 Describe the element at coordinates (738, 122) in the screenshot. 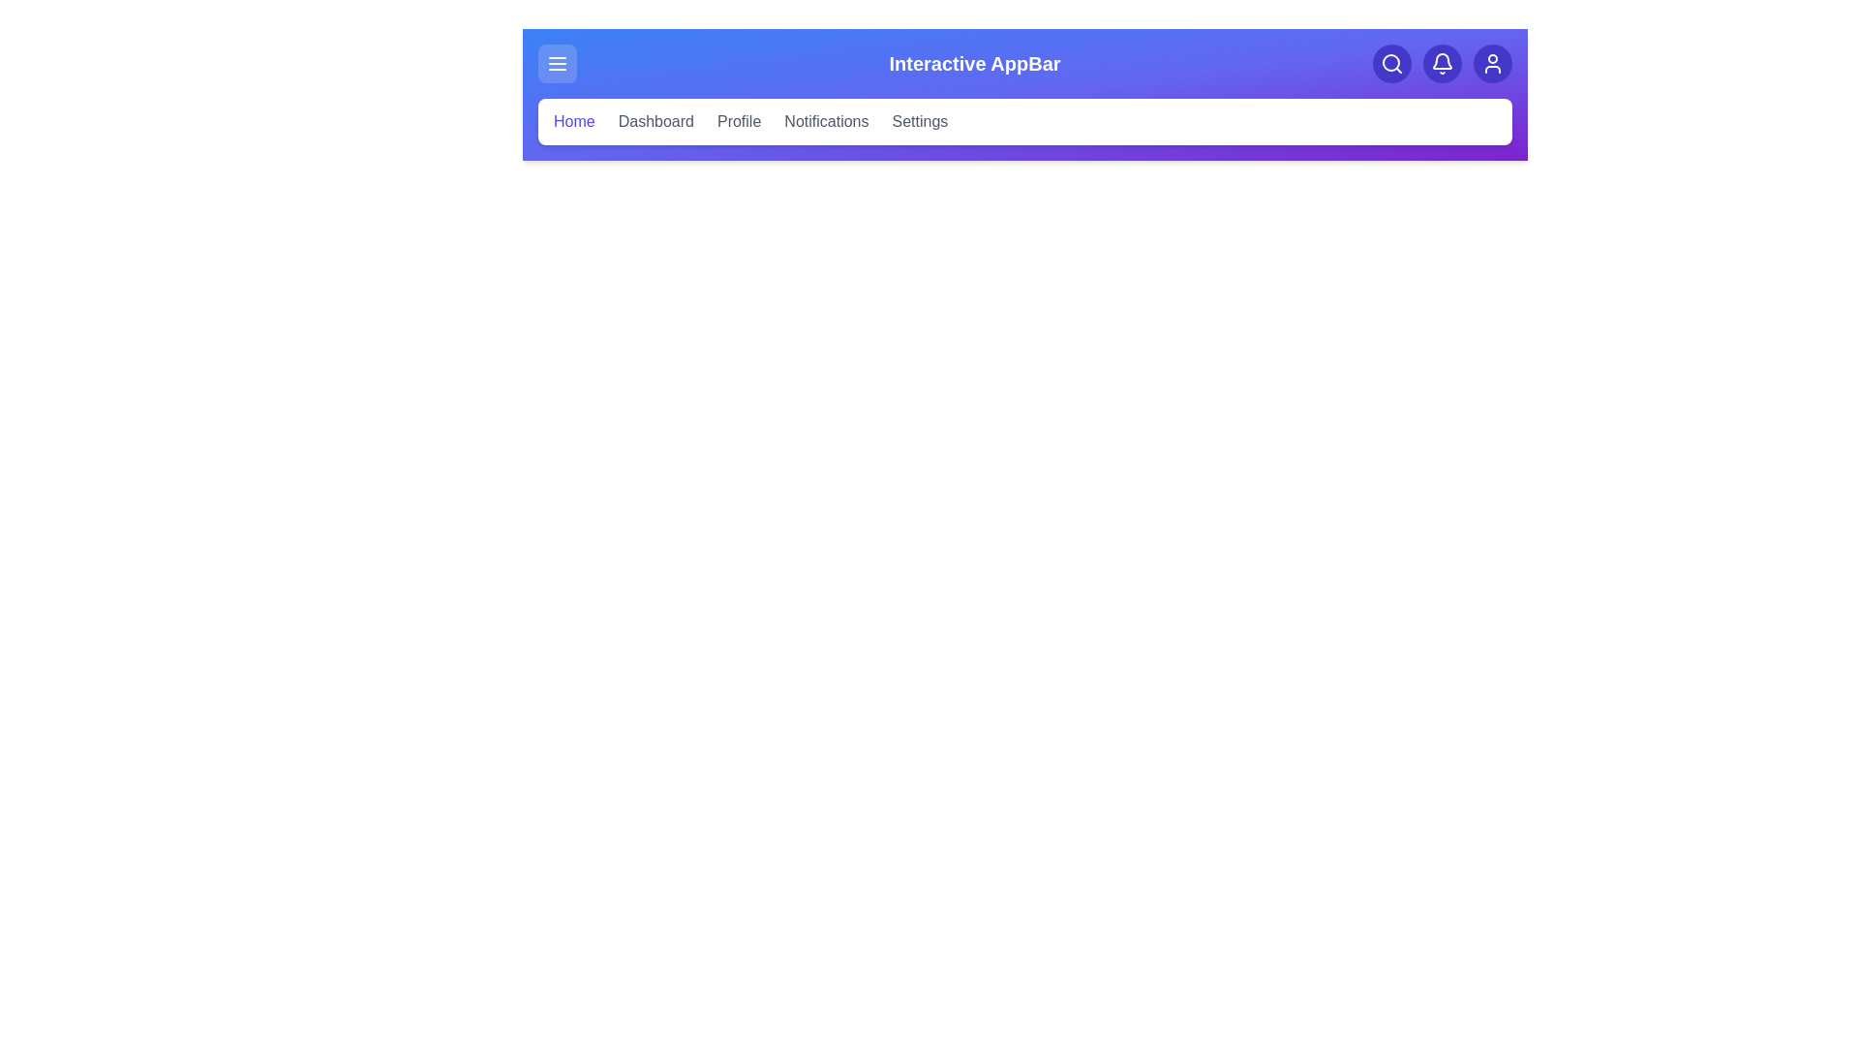

I see `the category Profile to navigate` at that location.